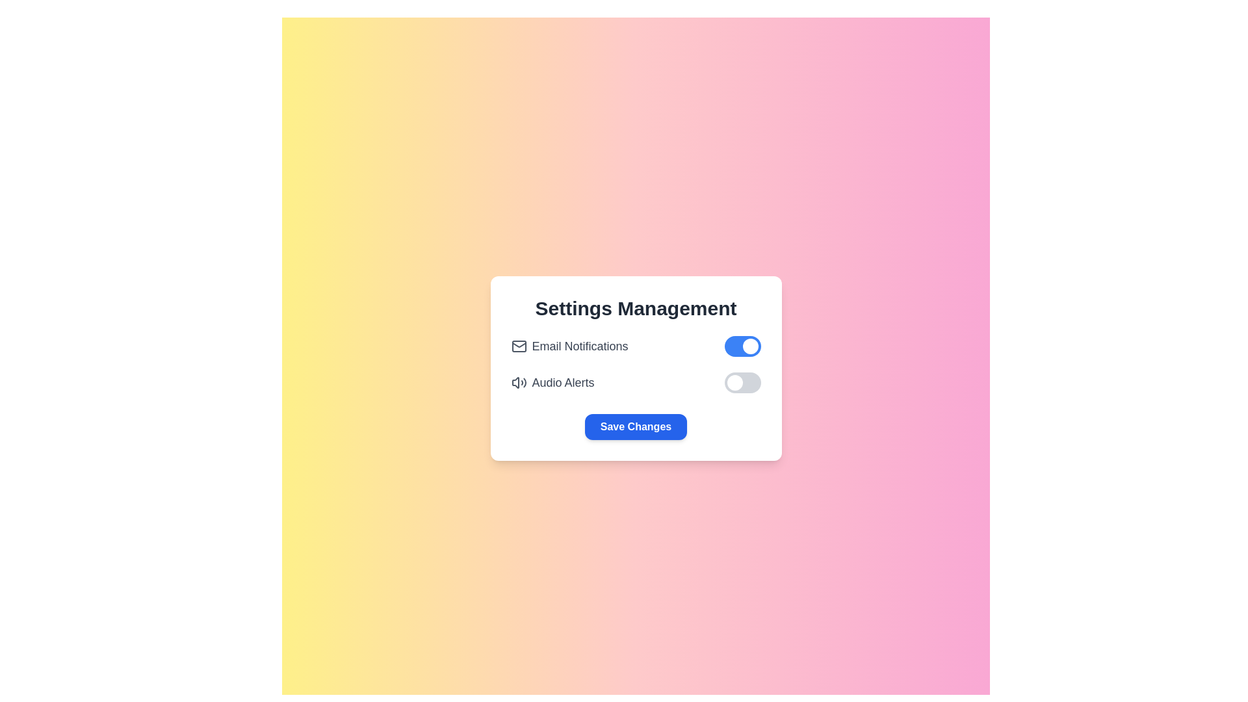 This screenshot has height=702, width=1248. What do you see at coordinates (579, 345) in the screenshot?
I see `the descriptive text label for the email notification toggle switch, which is located to the right of the mail icon in the settings list` at bounding box center [579, 345].